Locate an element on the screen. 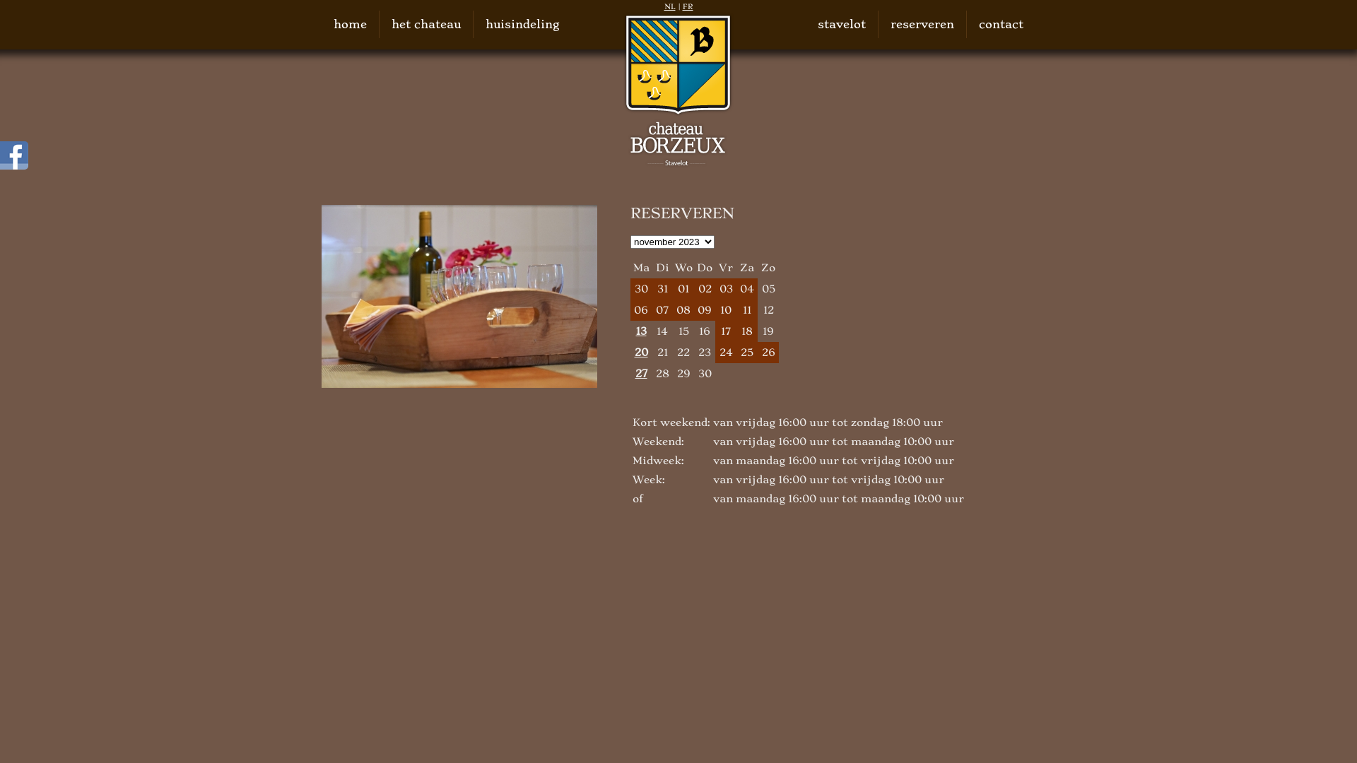  'Chateux Borzeux Stavelot, Vakantiewoning Ardennen' is located at coordinates (622, 90).